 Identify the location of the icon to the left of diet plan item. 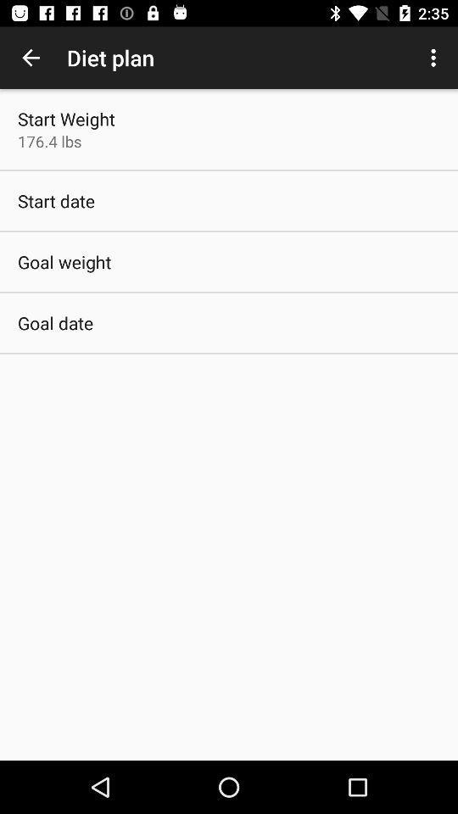
(31, 58).